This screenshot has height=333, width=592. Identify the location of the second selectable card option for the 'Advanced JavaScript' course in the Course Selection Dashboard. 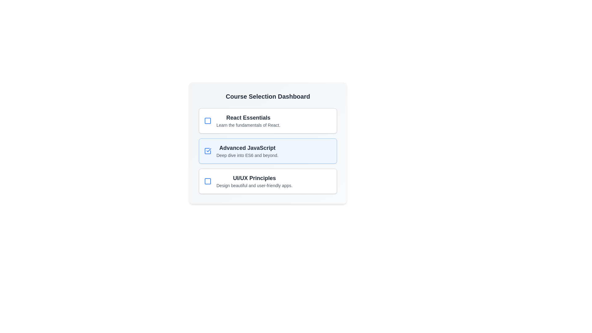
(268, 151).